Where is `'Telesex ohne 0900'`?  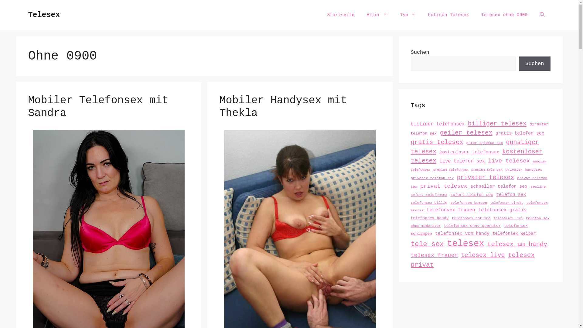
'Telesex ohne 0900' is located at coordinates (504, 15).